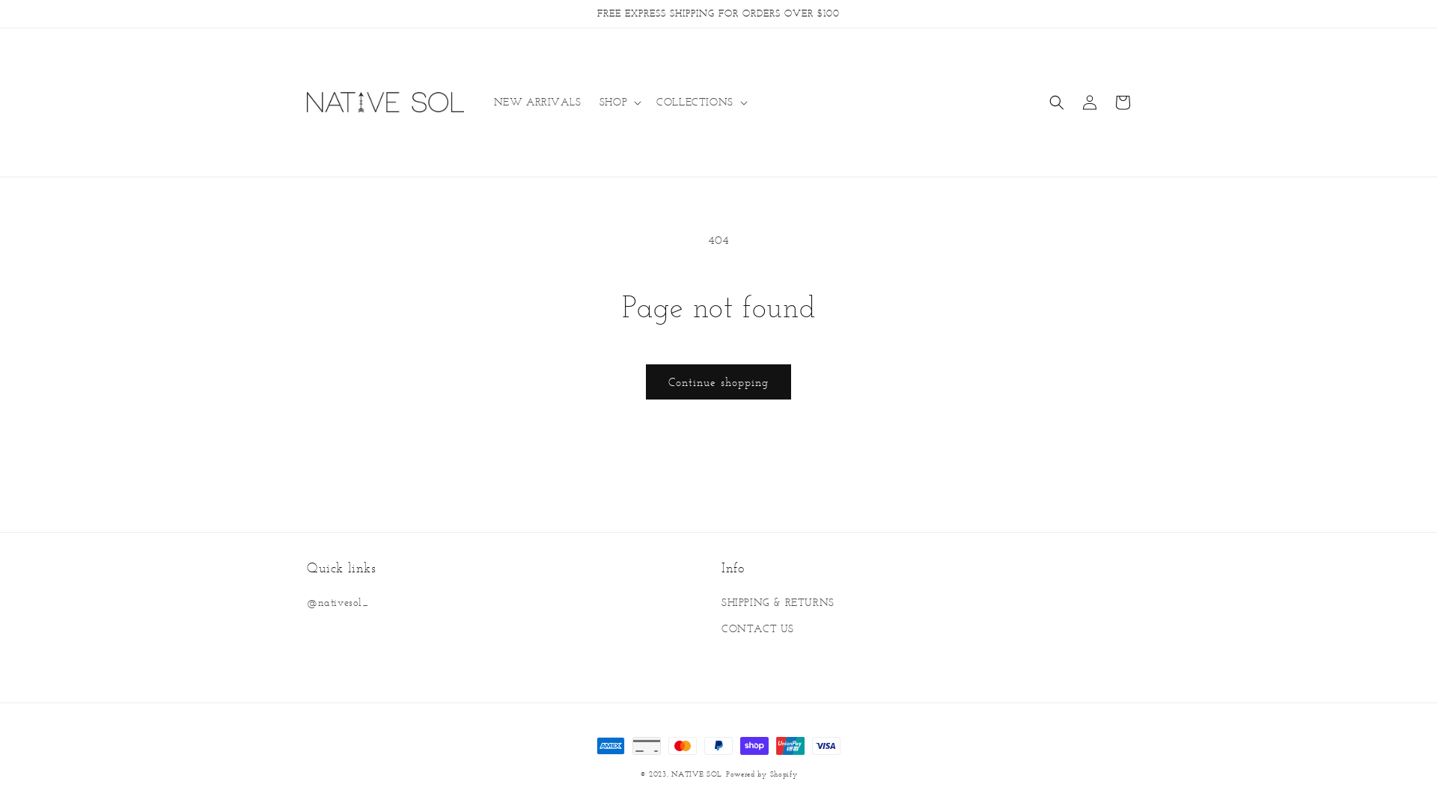 Image resolution: width=1437 pixels, height=808 pixels. What do you see at coordinates (778, 603) in the screenshot?
I see `'SHIPPING & RETURNS'` at bounding box center [778, 603].